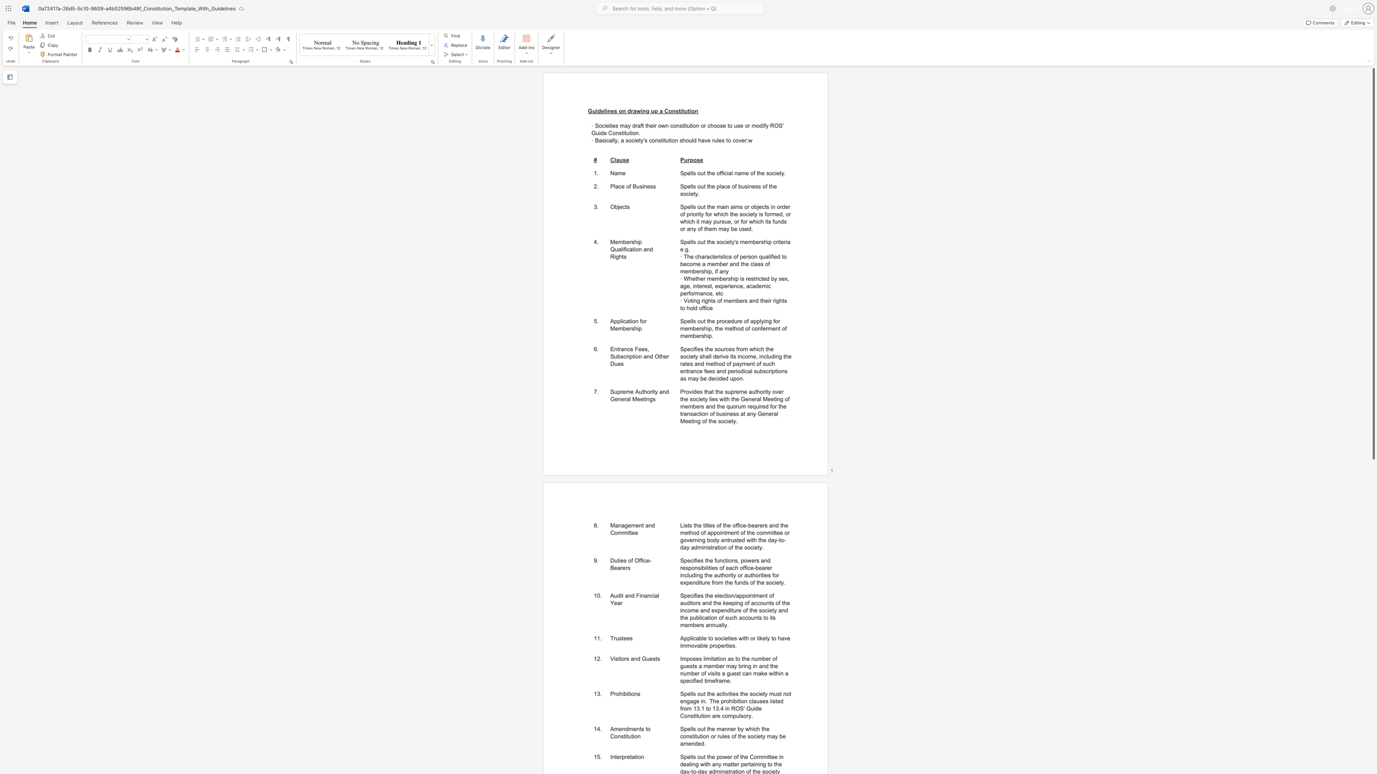 The width and height of the screenshot is (1377, 774). I want to click on the space between the continuous character "n" and "g" in the text, so click(646, 111).